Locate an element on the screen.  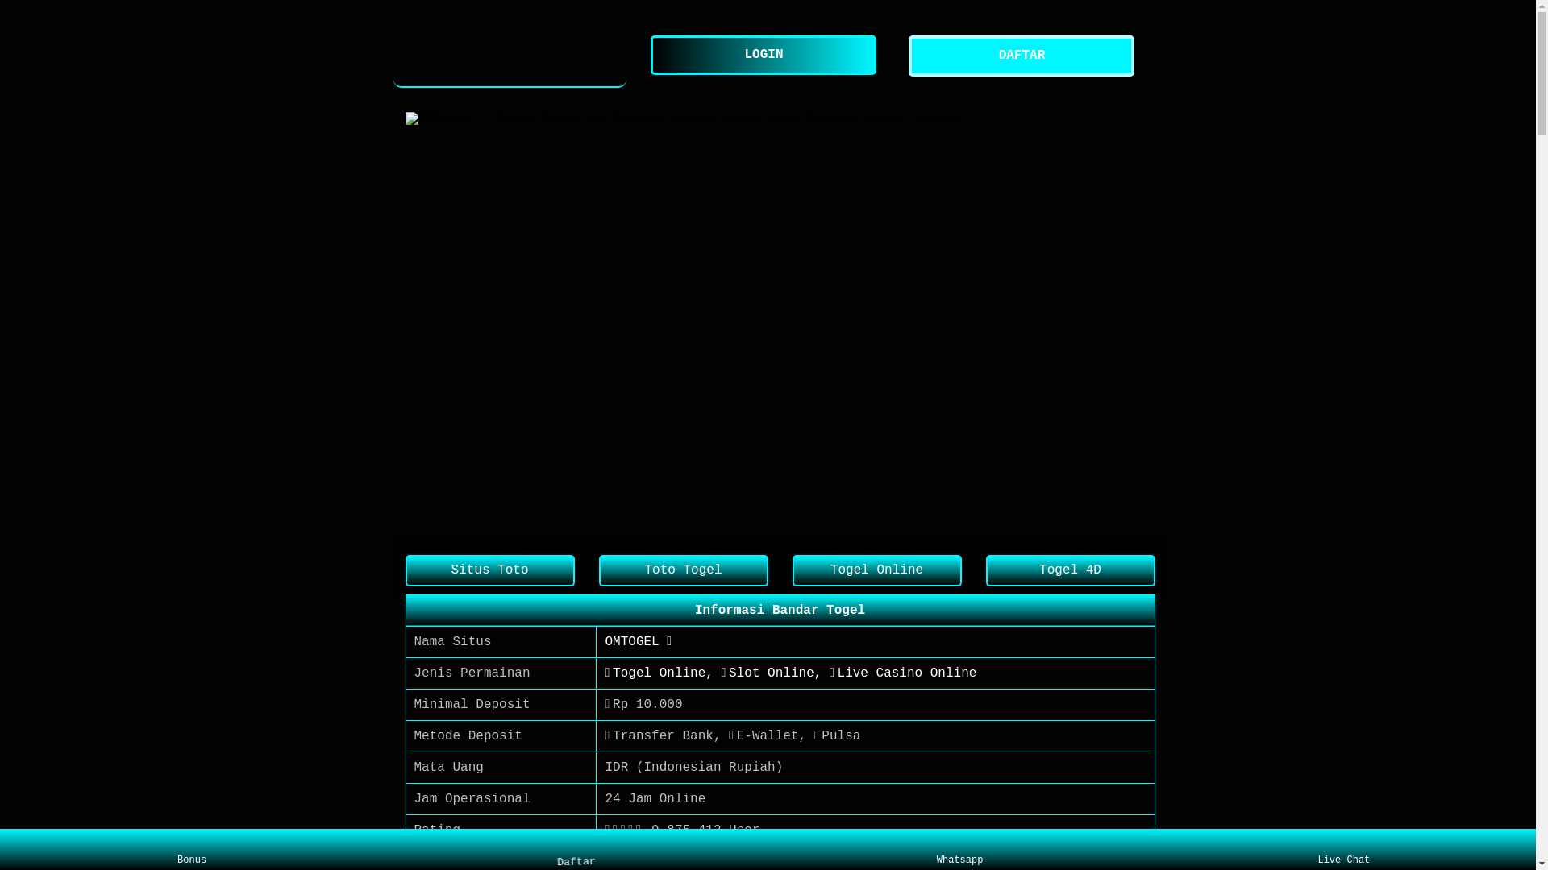
'Previous item in carousel (1 of 1)' is located at coordinates (418, 322).